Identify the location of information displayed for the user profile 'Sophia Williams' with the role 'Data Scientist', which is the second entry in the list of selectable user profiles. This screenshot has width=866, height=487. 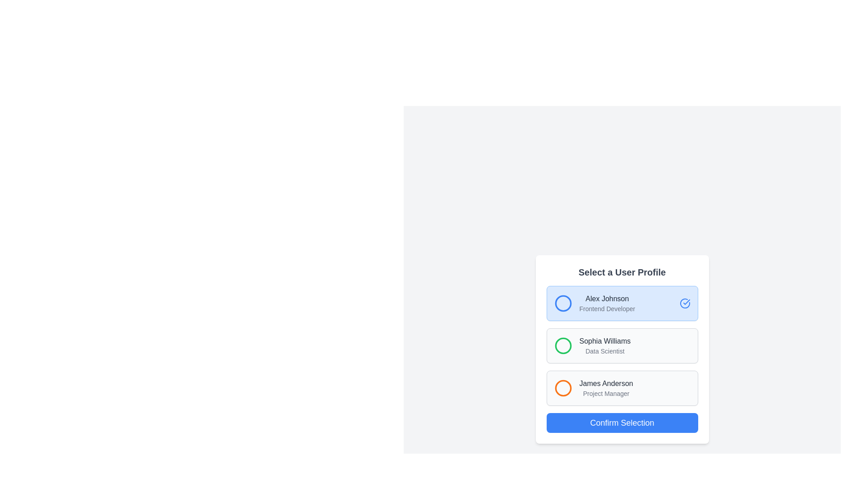
(592, 345).